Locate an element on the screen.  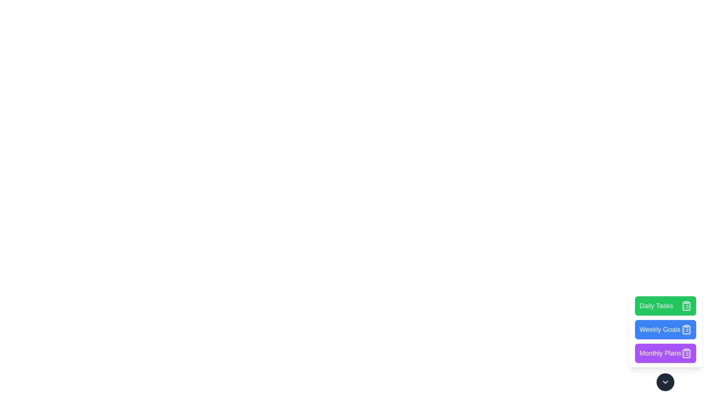
the 'Daily Tasks' button to execute its action is located at coordinates (665, 306).